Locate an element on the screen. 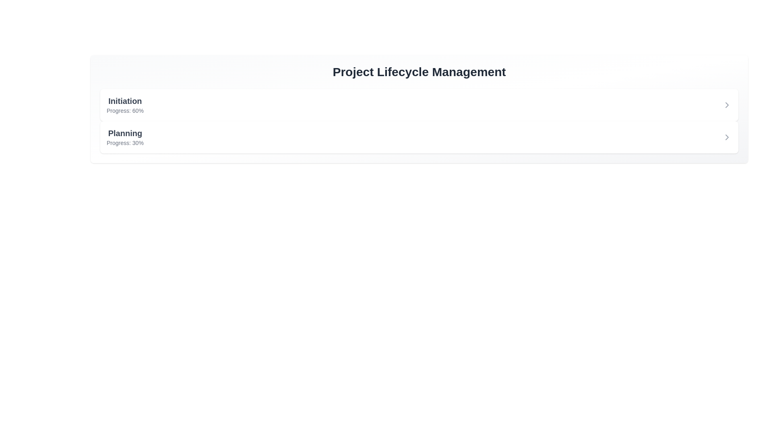 Image resolution: width=773 pixels, height=435 pixels. the 'Planning' text label, which is displayed in bold gray font above the 'Progress: 30%' text, located in the second section of the list-like layout is located at coordinates (124, 133).